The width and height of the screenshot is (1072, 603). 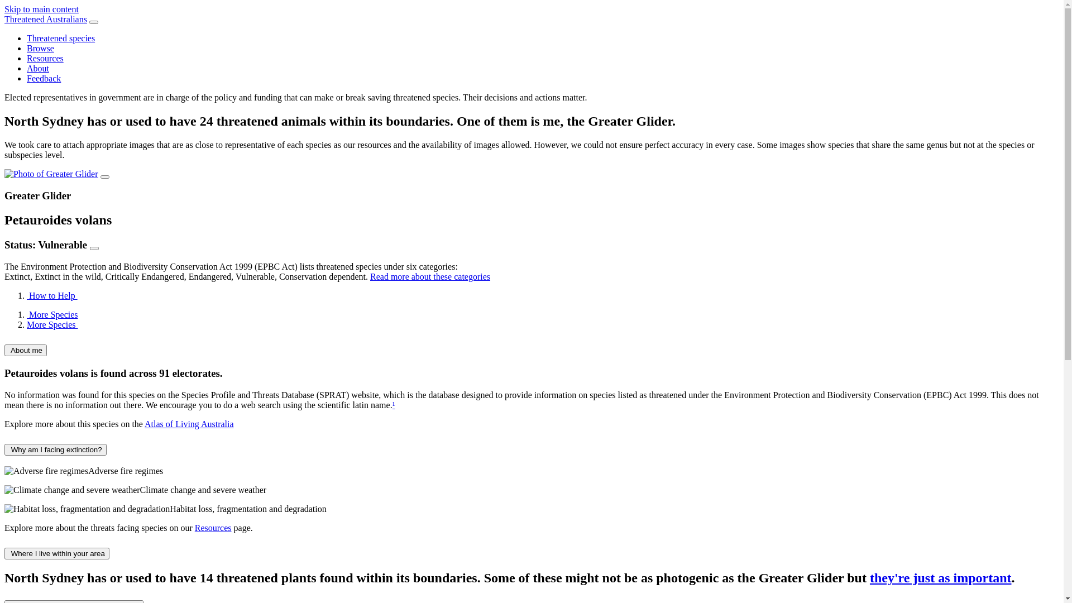 What do you see at coordinates (51, 295) in the screenshot?
I see `' How to Help '` at bounding box center [51, 295].